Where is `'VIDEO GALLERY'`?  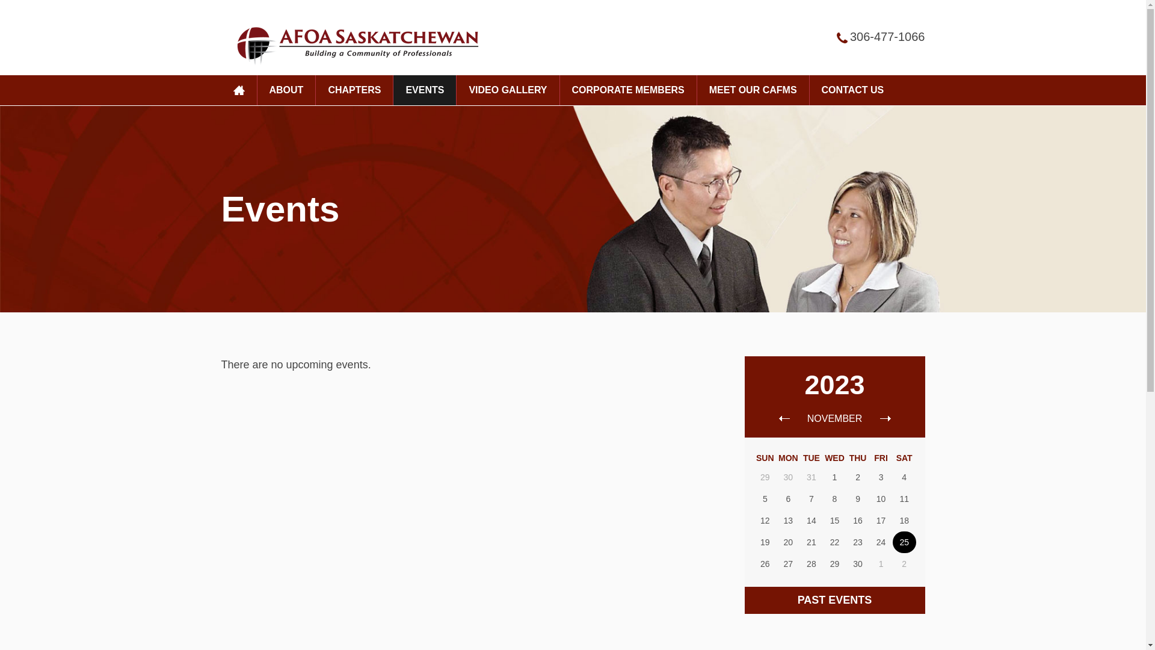
'VIDEO GALLERY' is located at coordinates (455, 90).